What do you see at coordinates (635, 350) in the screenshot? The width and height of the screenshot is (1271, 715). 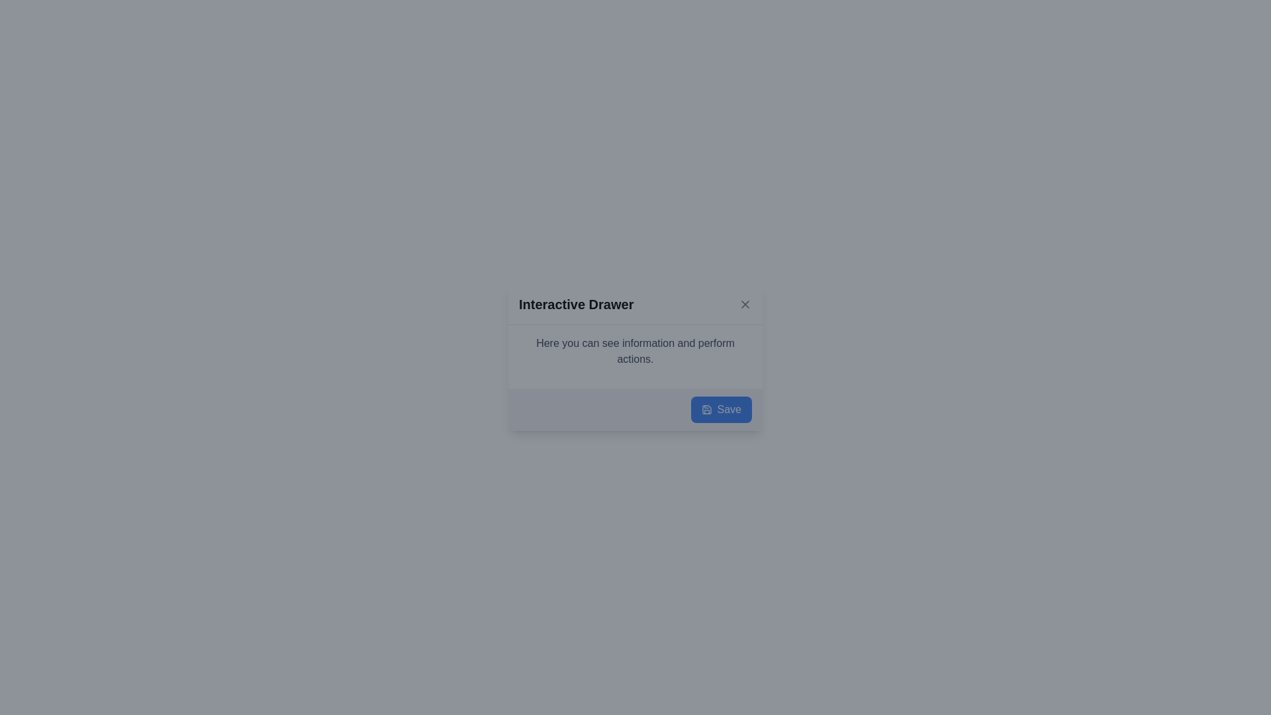 I see `the text block displaying the message 'Here you can see information and perform actions.' which is located in the modal dialog labeled 'Interactive Drawer.'` at bounding box center [635, 350].